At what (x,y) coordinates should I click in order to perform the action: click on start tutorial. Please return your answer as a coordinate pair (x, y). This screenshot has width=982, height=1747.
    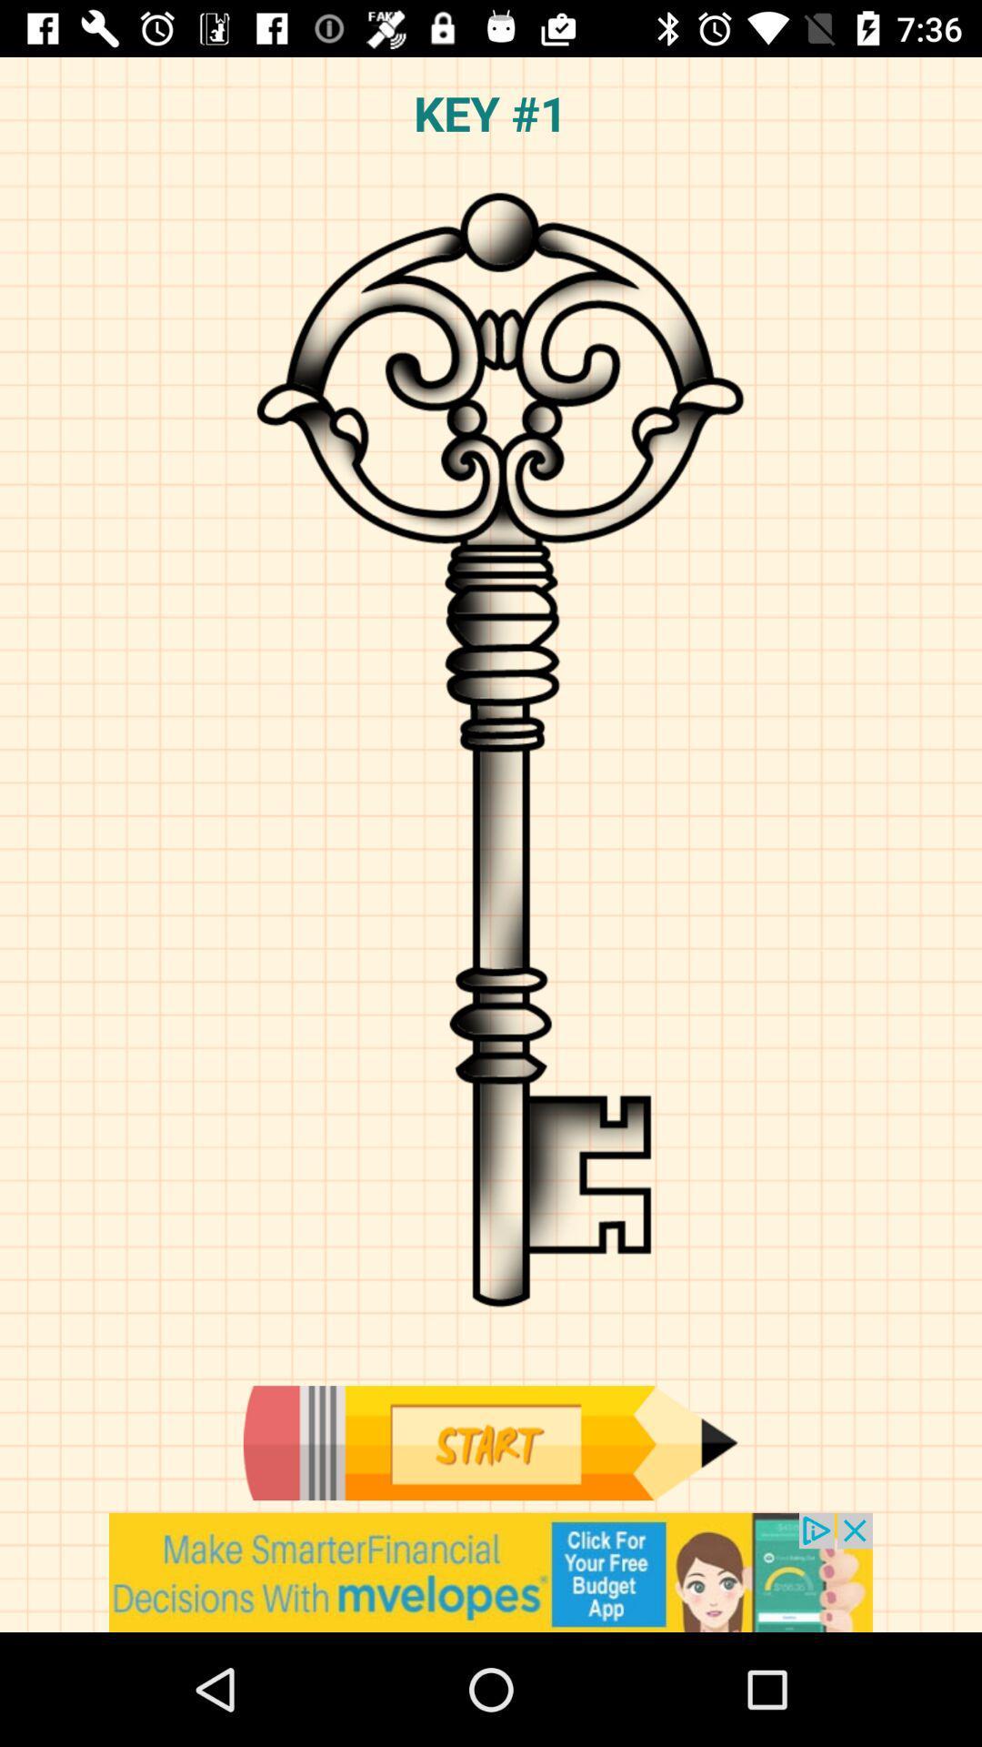
    Looking at the image, I should click on (489, 1442).